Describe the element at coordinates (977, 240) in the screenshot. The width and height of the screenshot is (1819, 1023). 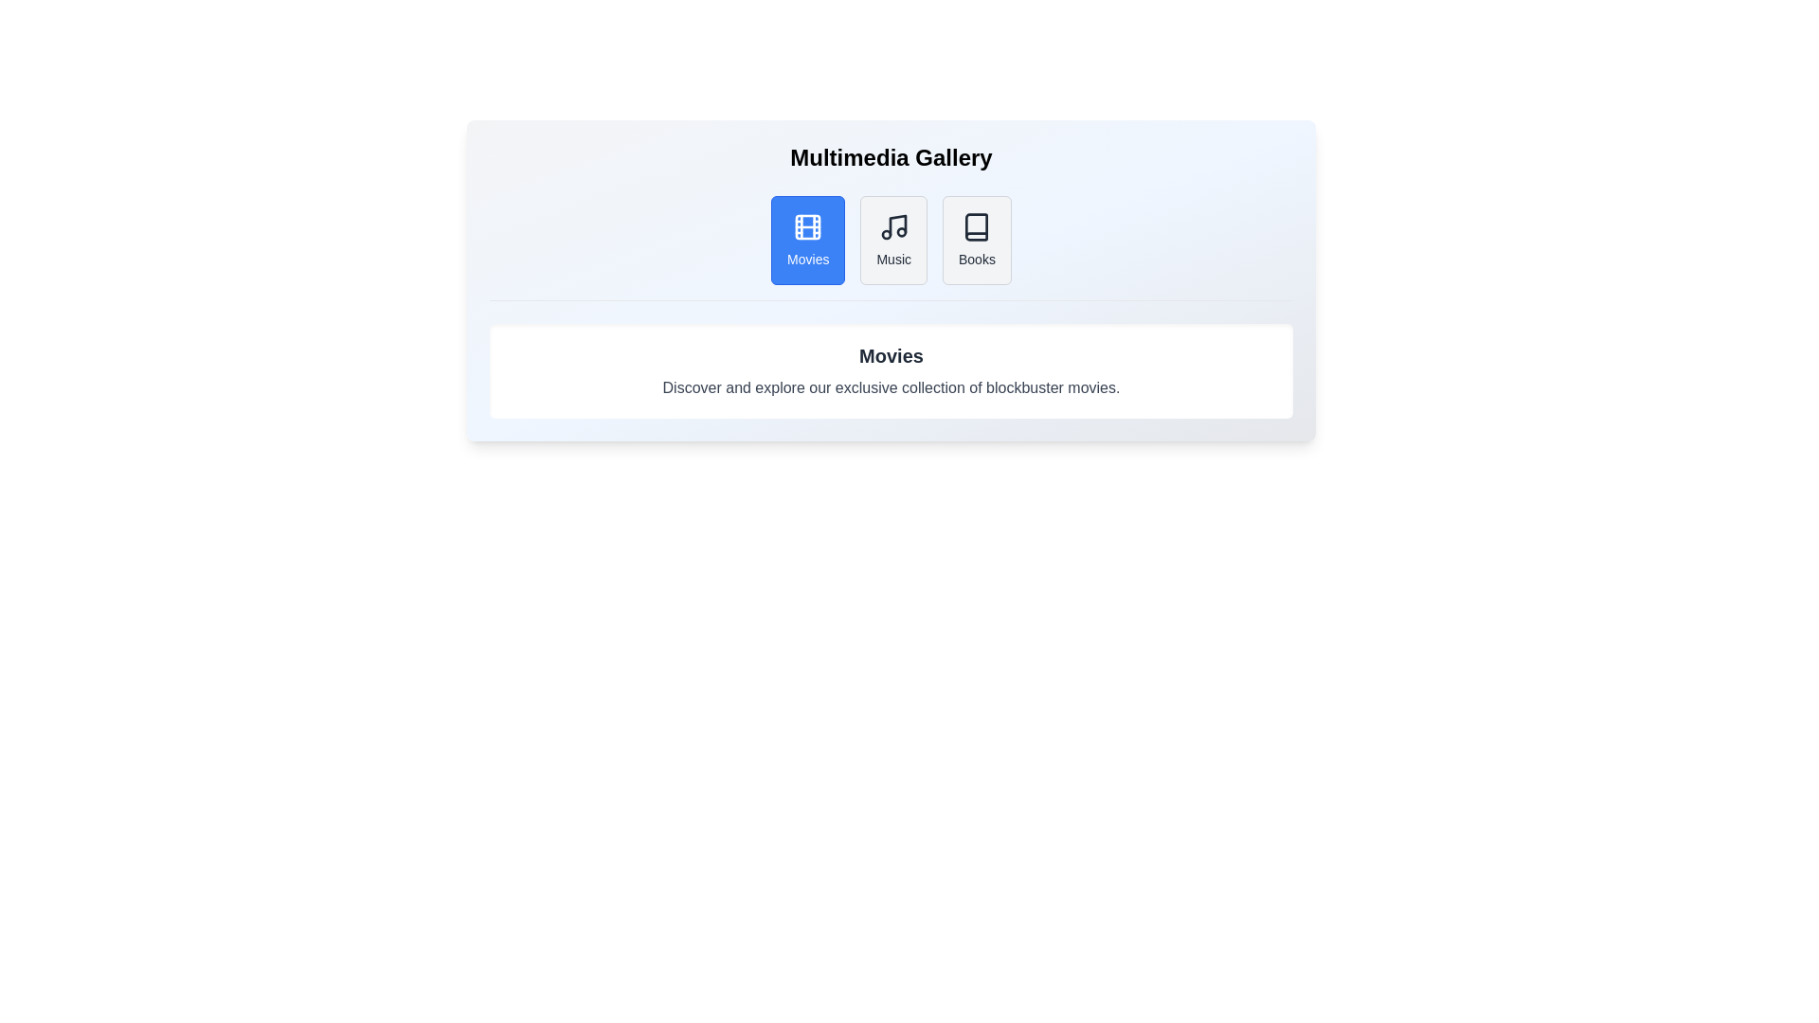
I see `the button labeled Books` at that location.